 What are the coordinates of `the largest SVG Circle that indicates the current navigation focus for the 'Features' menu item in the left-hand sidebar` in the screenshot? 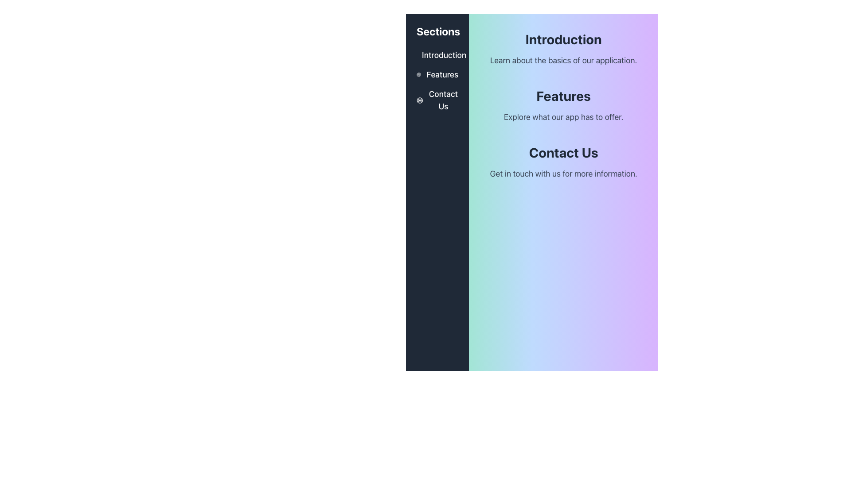 It's located at (418, 74).